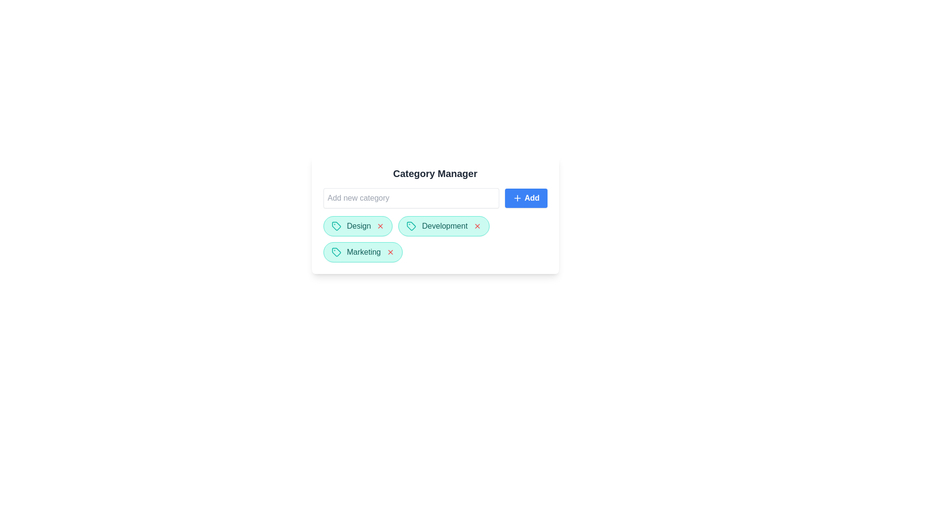  Describe the element at coordinates (390, 252) in the screenshot. I see `'X' button on the category chip labeled 'Marketing'` at that location.